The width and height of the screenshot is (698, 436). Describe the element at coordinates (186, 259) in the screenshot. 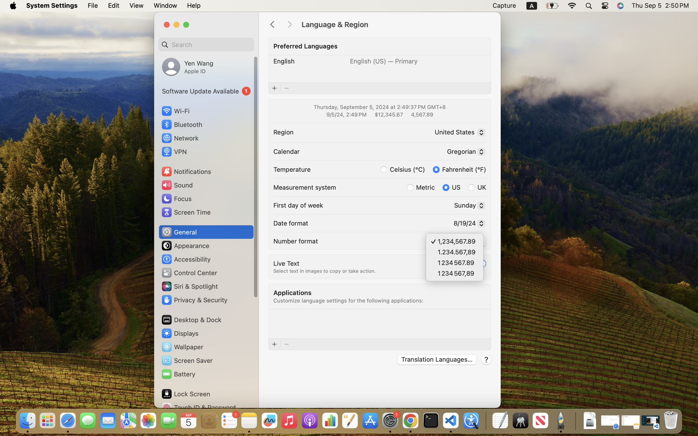

I see `'Accessibility'` at that location.